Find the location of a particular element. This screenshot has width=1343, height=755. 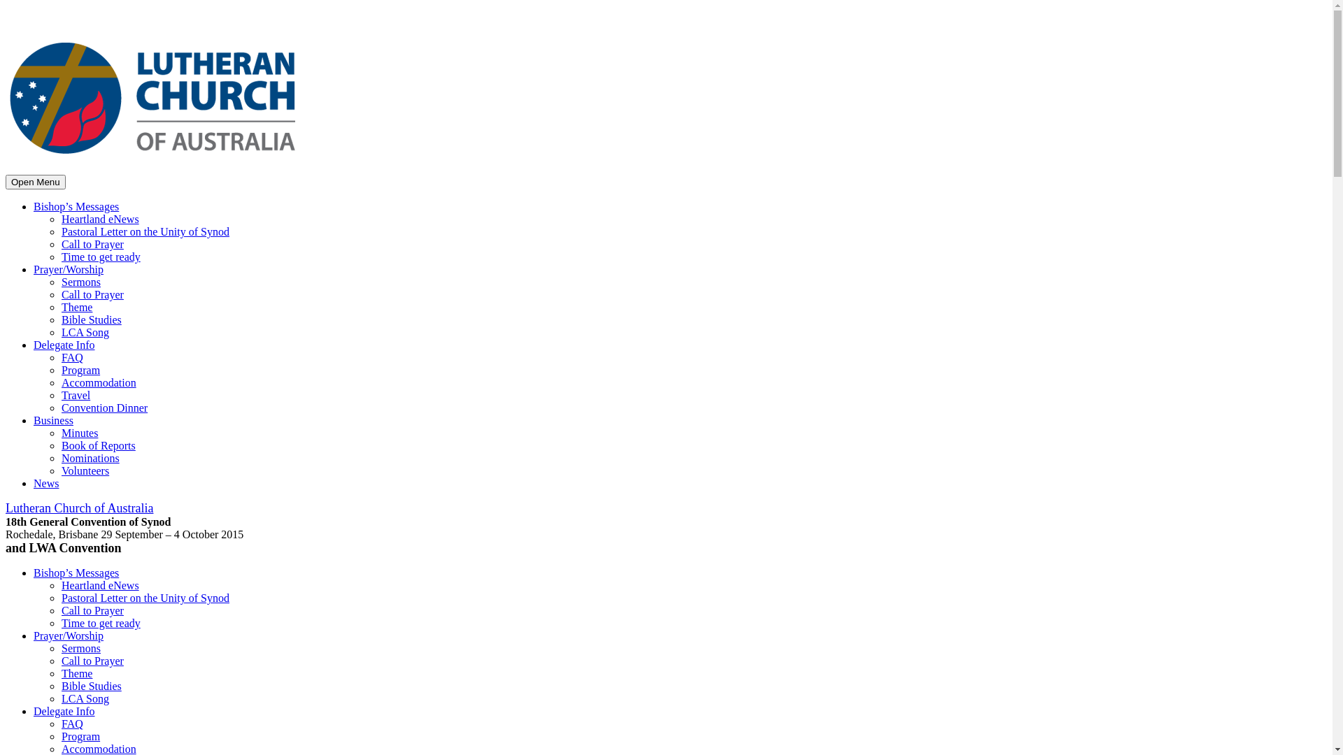

'FAQ' is located at coordinates (71, 724).